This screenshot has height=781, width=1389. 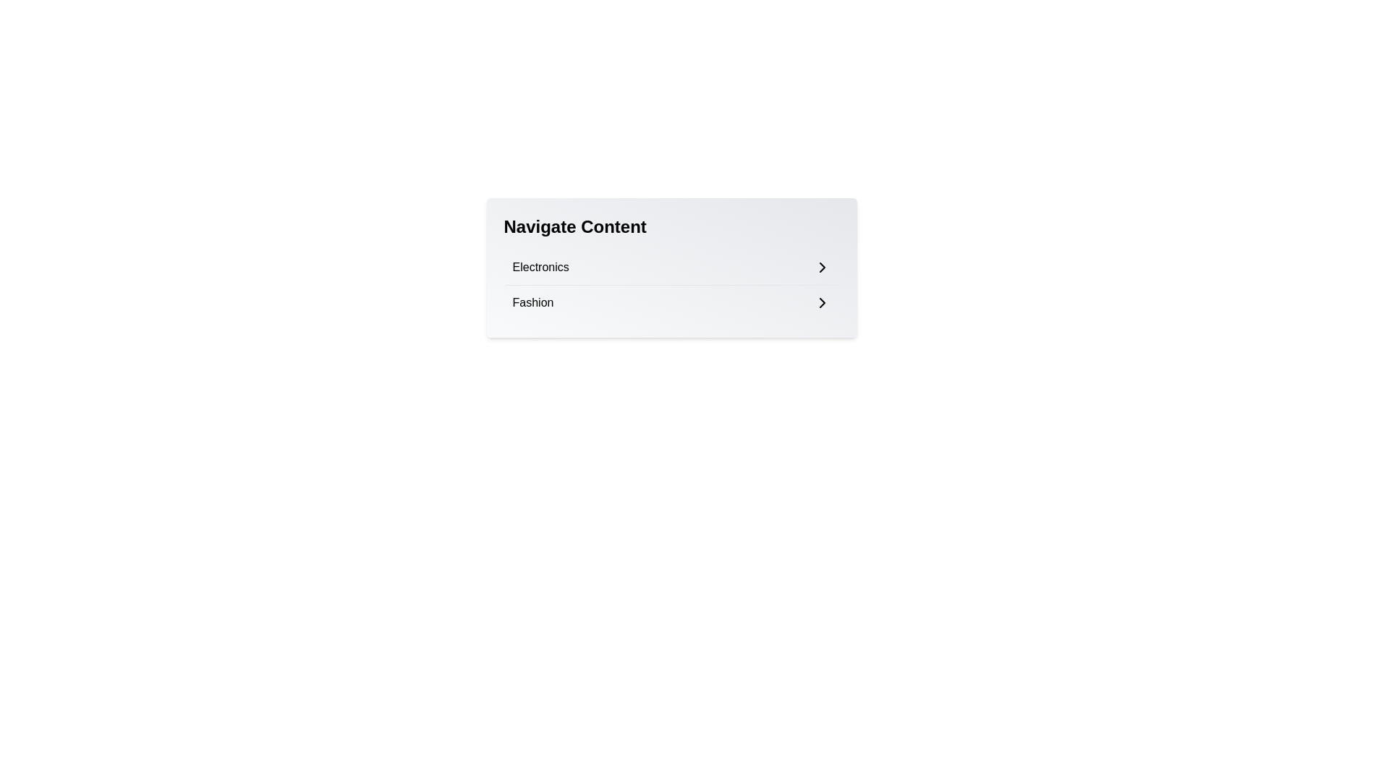 I want to click on the 'Electronics' list item, which is the first item in a vertical list, so click(x=671, y=268).